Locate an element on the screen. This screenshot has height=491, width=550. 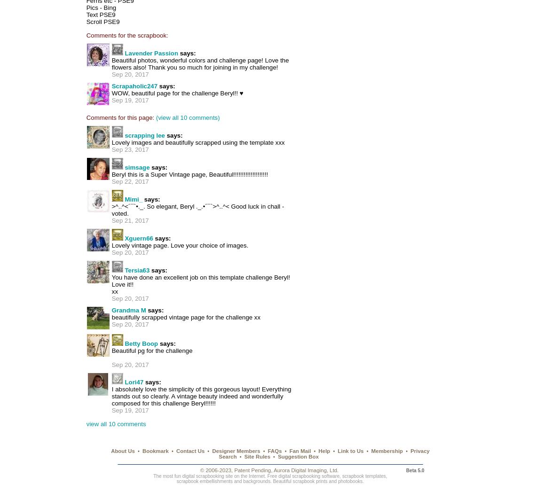
'Sep 21, 2017' is located at coordinates (130, 220).